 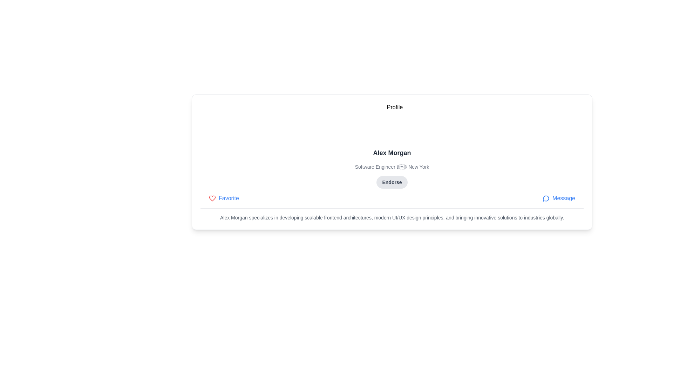 What do you see at coordinates (558, 198) in the screenshot?
I see `the interactive link labeled 'Message' that includes a chat bubble icon to initiate a message` at bounding box center [558, 198].